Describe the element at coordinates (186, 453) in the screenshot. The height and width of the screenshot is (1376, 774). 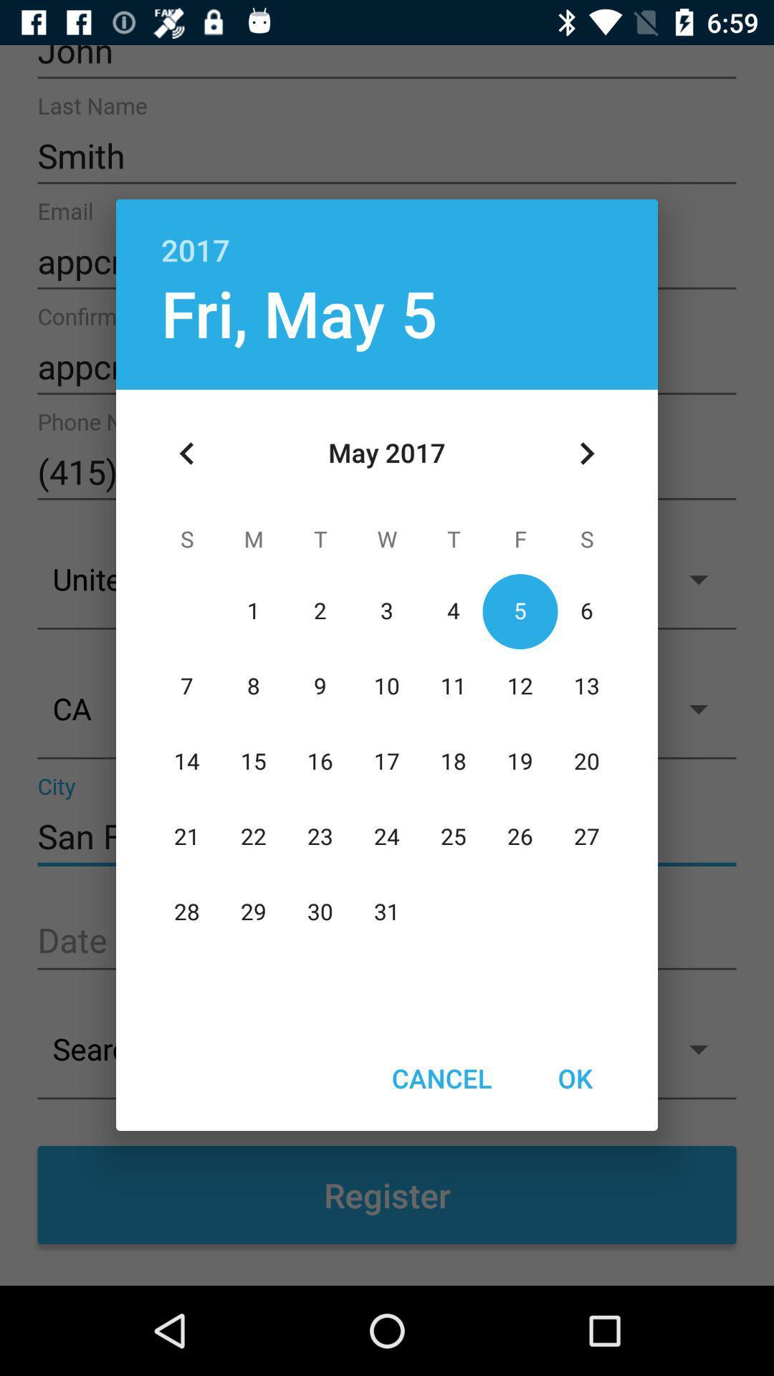
I see `item at the top left corner` at that location.